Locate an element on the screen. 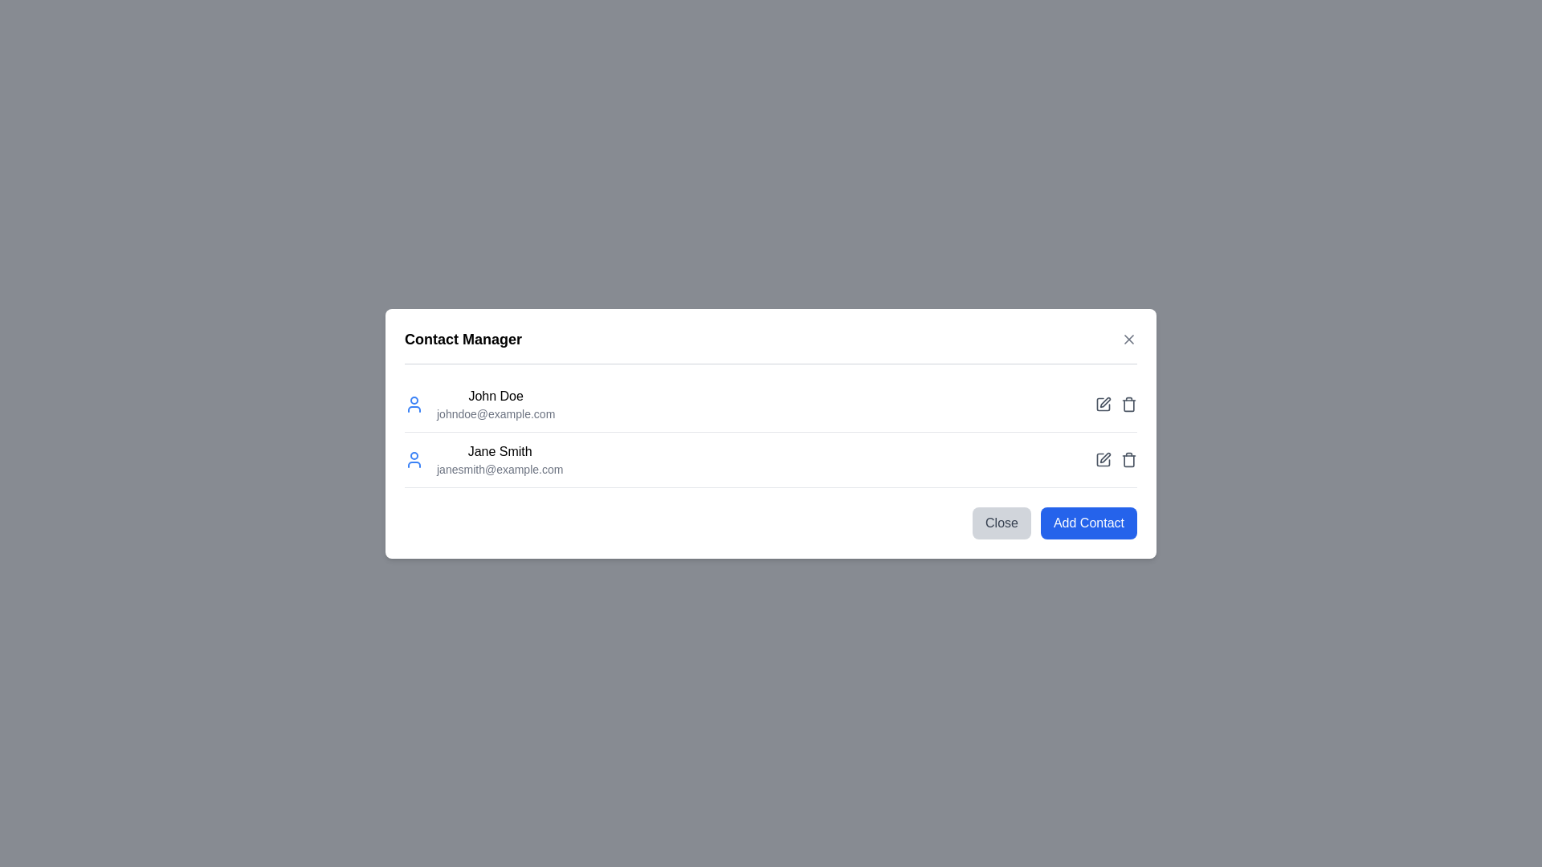 This screenshot has height=867, width=1542. the trash can icon located is located at coordinates (1128, 459).